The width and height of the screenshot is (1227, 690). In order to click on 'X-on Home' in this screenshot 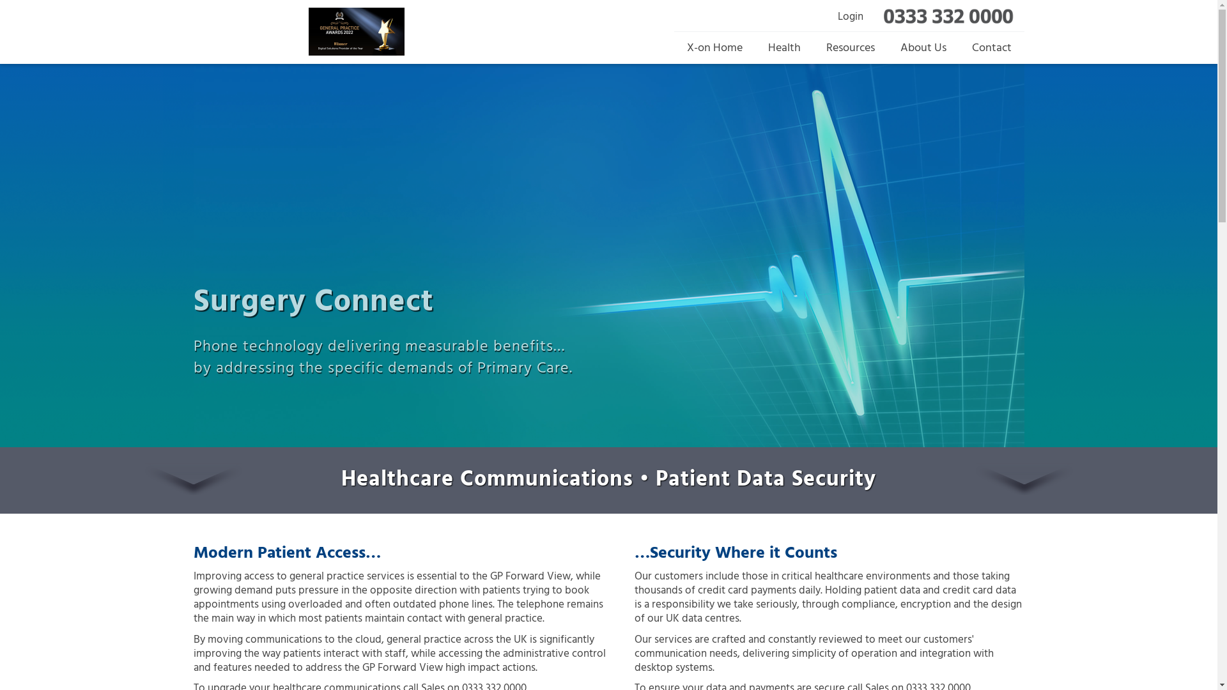, I will do `click(713, 47)`.